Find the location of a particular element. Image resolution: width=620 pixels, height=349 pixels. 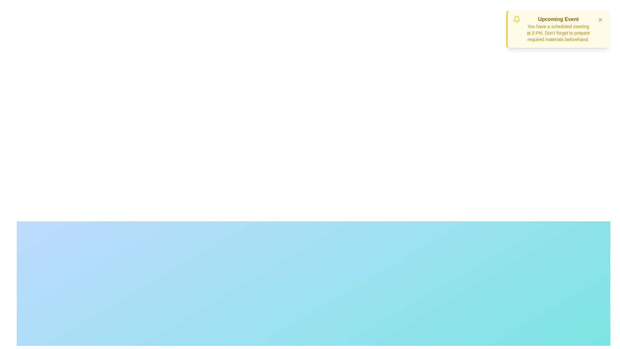

the close icon of the snackbar to dismiss the notification is located at coordinates (600, 19).